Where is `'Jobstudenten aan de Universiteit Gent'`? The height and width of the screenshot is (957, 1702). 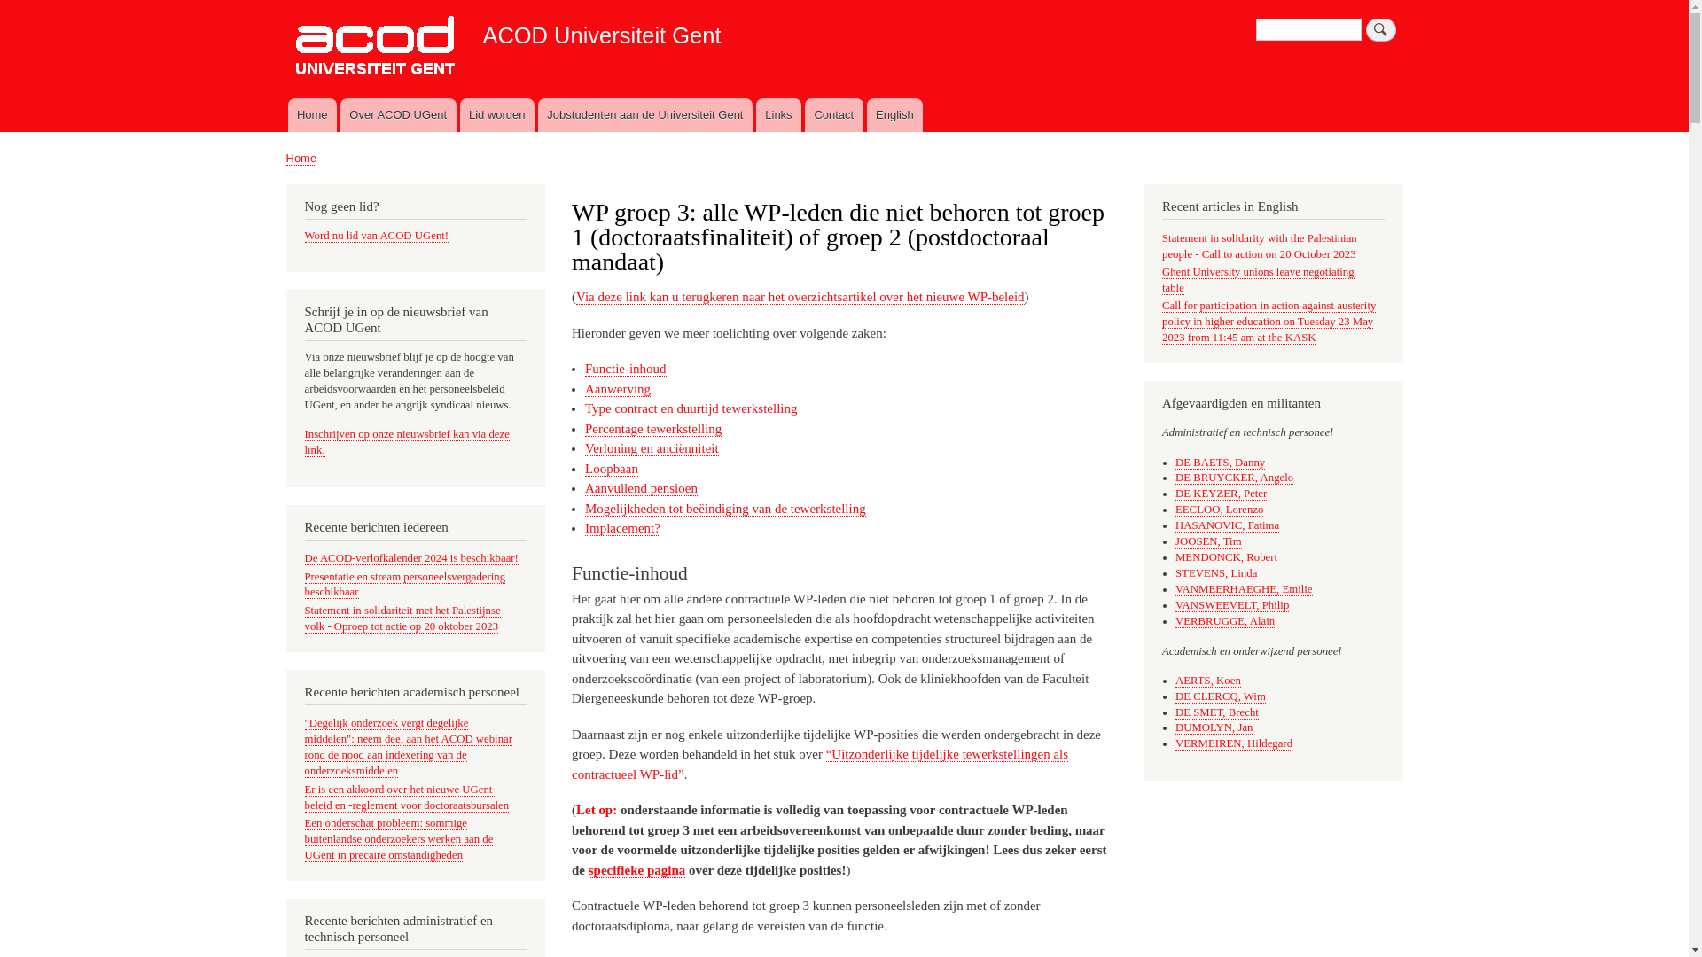
'Jobstudenten aan de Universiteit Gent' is located at coordinates (536, 115).